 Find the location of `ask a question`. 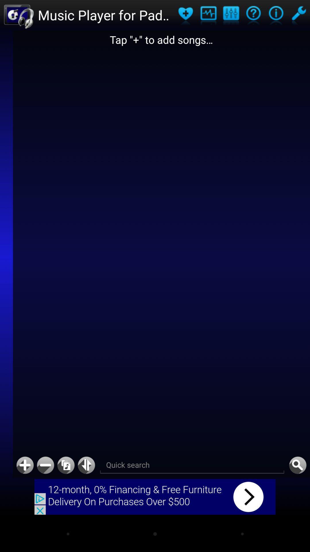

ask a question is located at coordinates (253, 15).